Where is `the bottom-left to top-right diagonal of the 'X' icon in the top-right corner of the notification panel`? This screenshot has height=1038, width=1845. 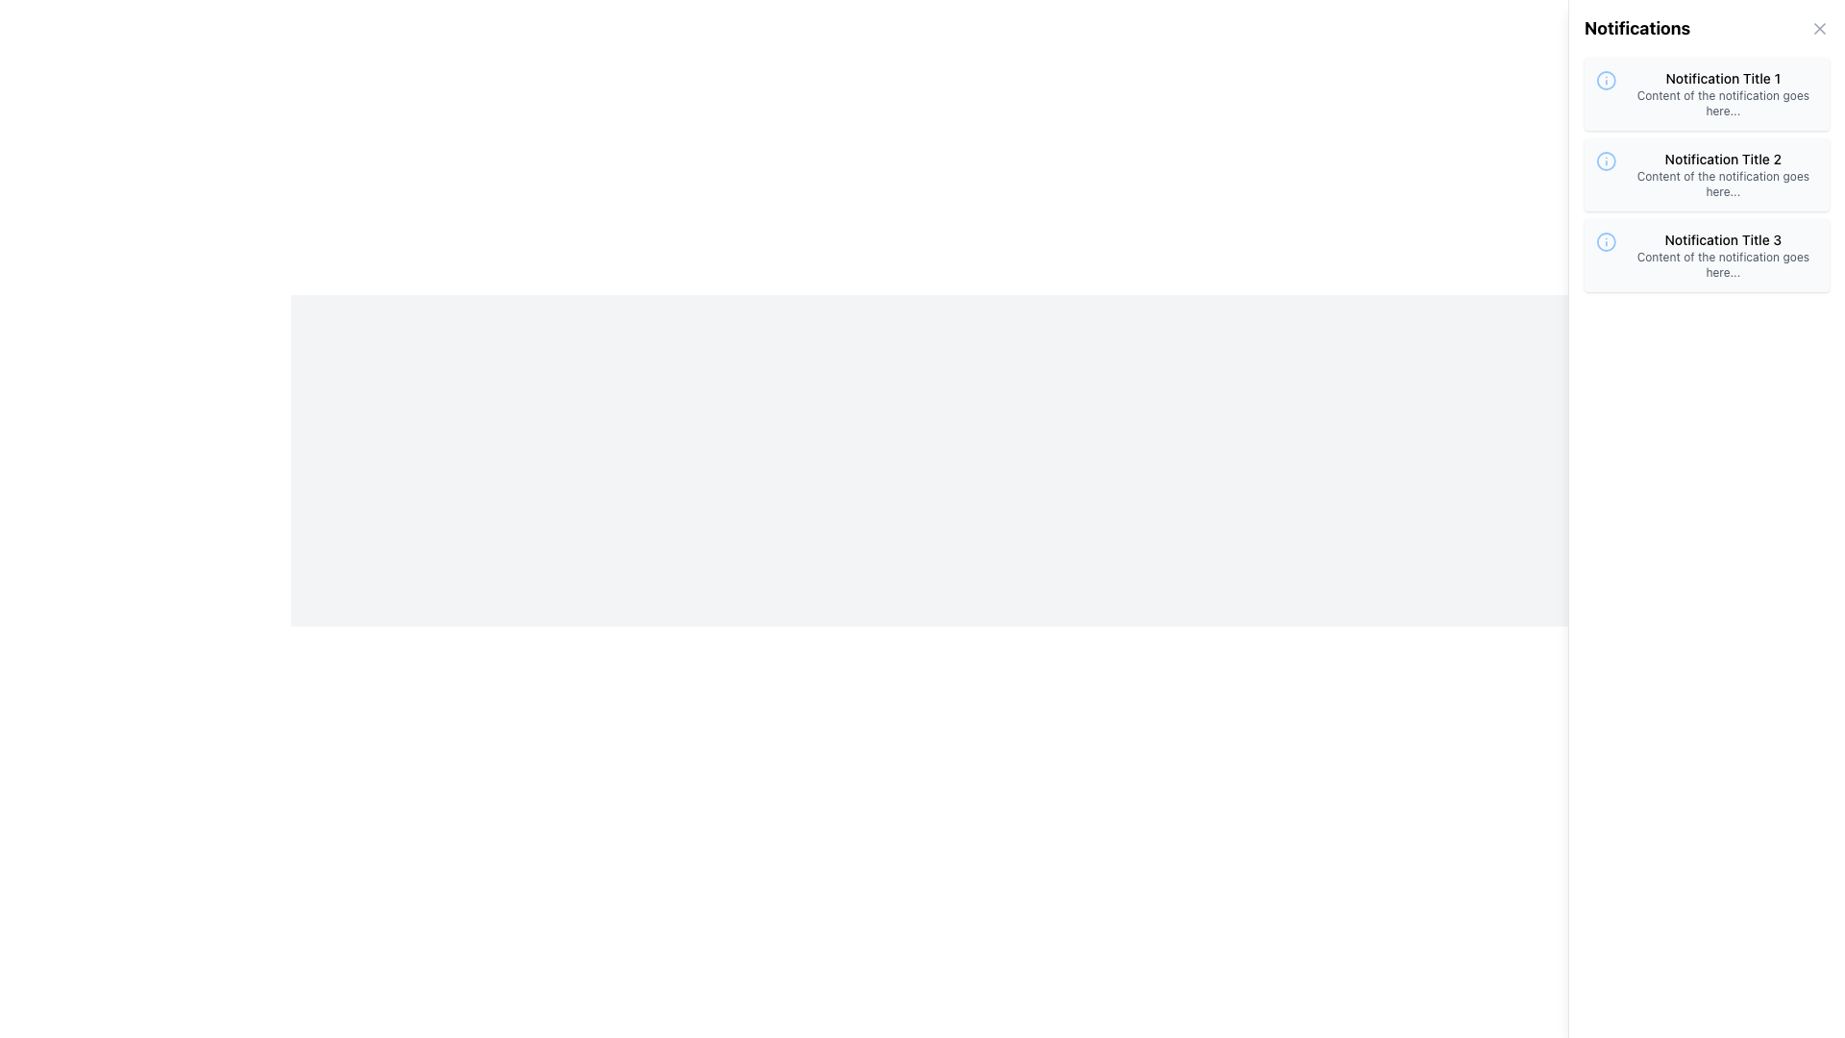
the bottom-left to top-right diagonal of the 'X' icon in the top-right corner of the notification panel is located at coordinates (1819, 29).